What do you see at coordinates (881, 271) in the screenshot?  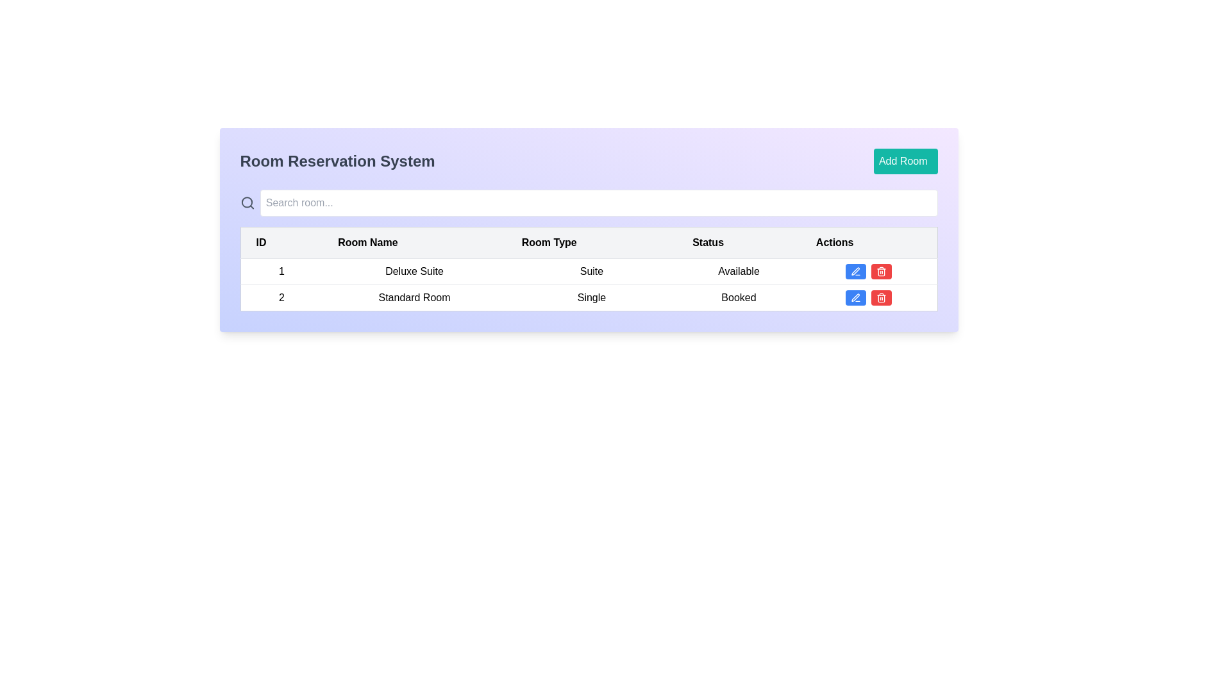 I see `the delete button located in the action button group to observe hover effects` at bounding box center [881, 271].